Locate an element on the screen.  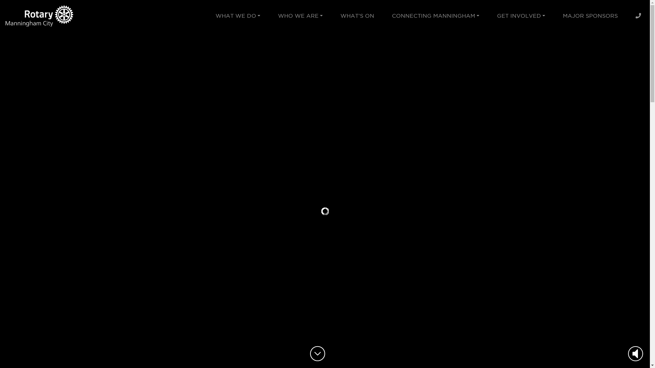
'GET INVOLVED' is located at coordinates (521, 17).